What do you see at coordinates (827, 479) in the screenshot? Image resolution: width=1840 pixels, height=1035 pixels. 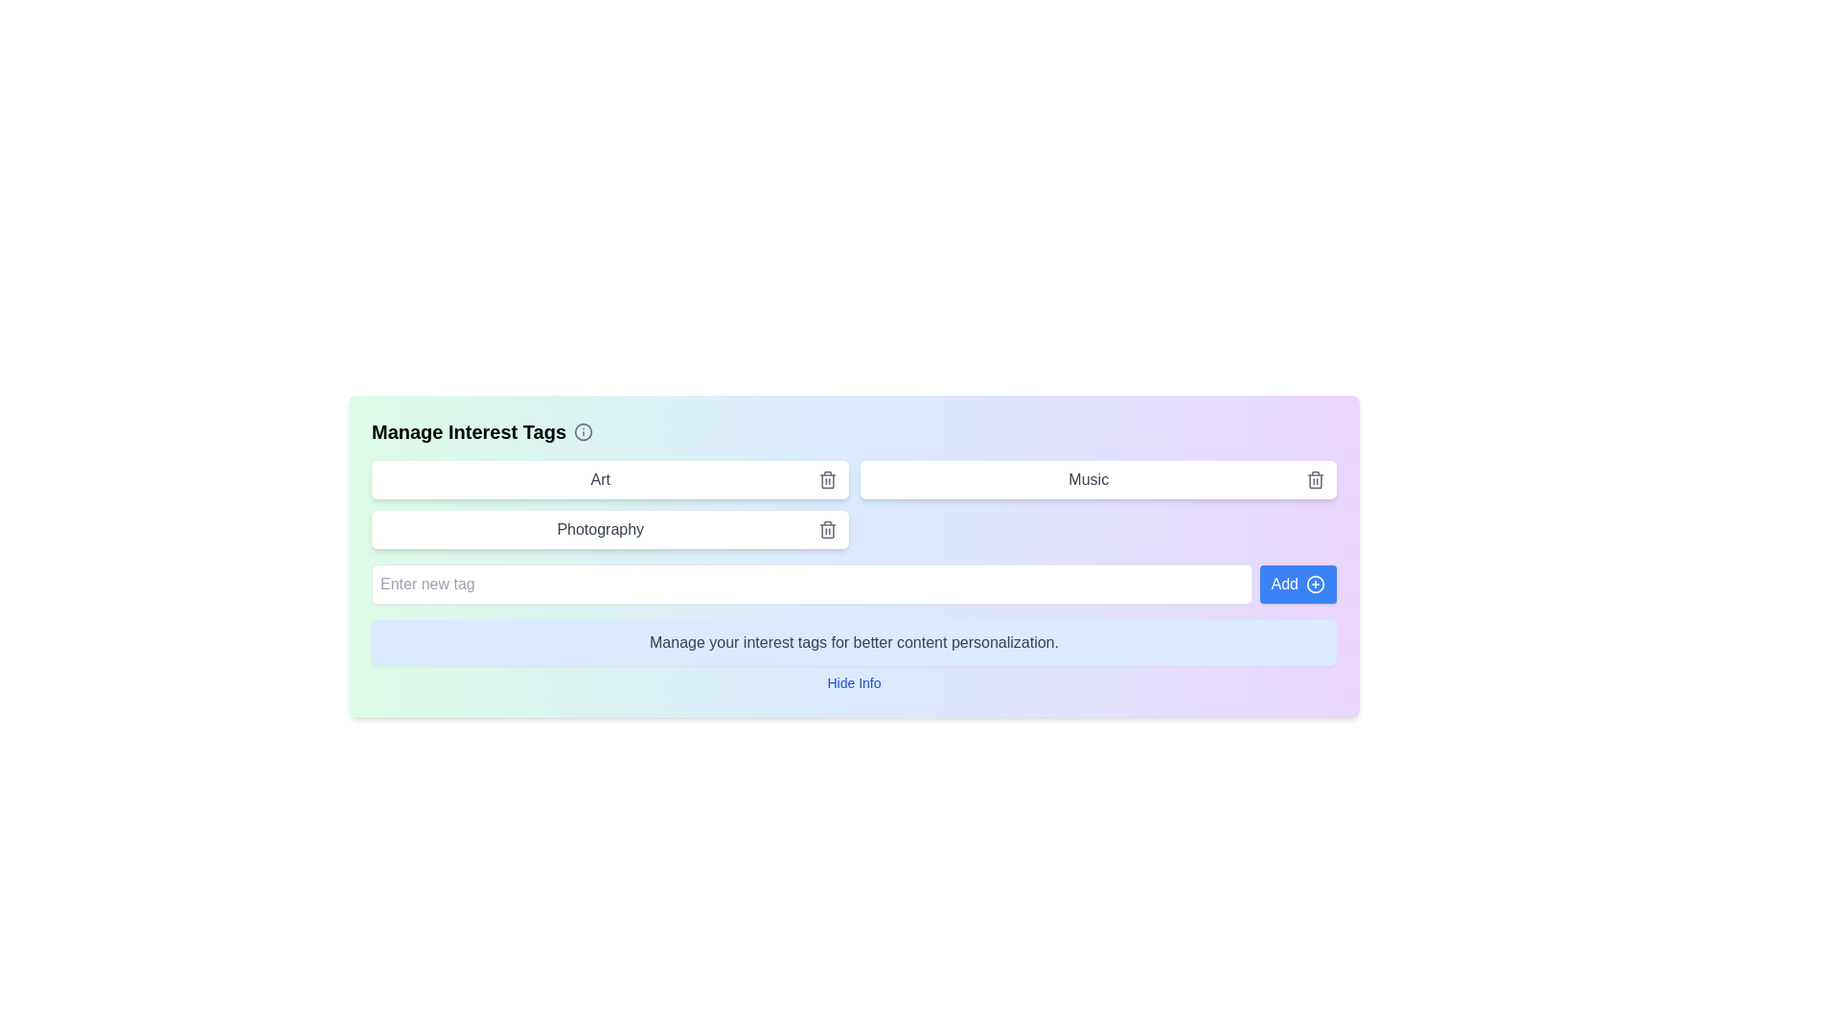 I see `the interactive trash bin icon, styled in gray and enlarging to red when hovered, located adjacent to the text 'Art' in the upper section of the interface` at bounding box center [827, 479].